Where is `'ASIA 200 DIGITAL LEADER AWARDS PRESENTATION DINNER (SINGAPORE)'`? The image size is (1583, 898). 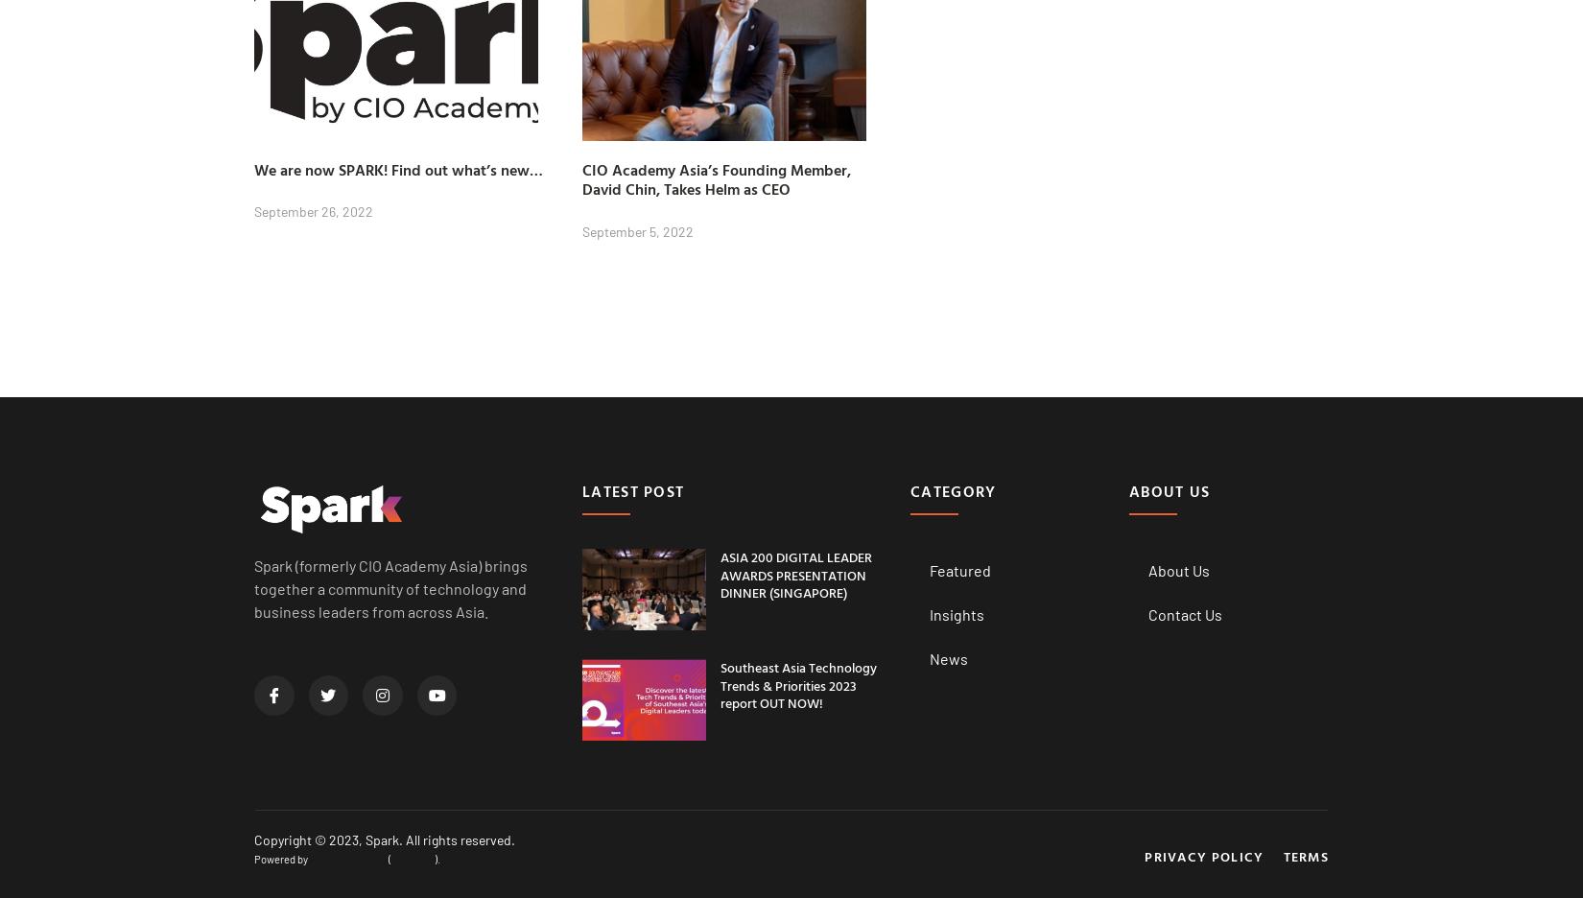 'ASIA 200 DIGITAL LEADER AWARDS PRESENTATION DINNER (SINGAPORE)' is located at coordinates (794, 574).